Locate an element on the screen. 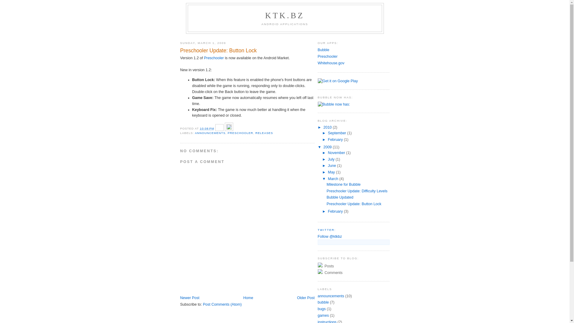 The width and height of the screenshot is (574, 323). 'September' is located at coordinates (337, 132).